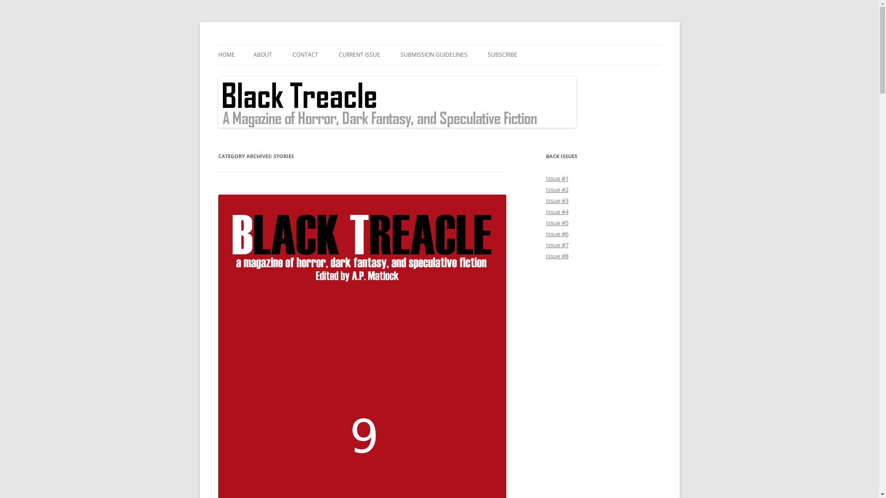  What do you see at coordinates (262, 55) in the screenshot?
I see `'ABOUT'` at bounding box center [262, 55].